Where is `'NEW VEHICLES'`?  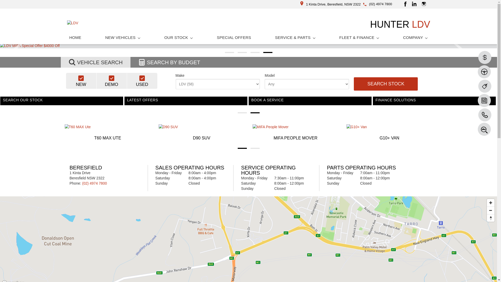
'NEW VEHICLES' is located at coordinates (122, 37).